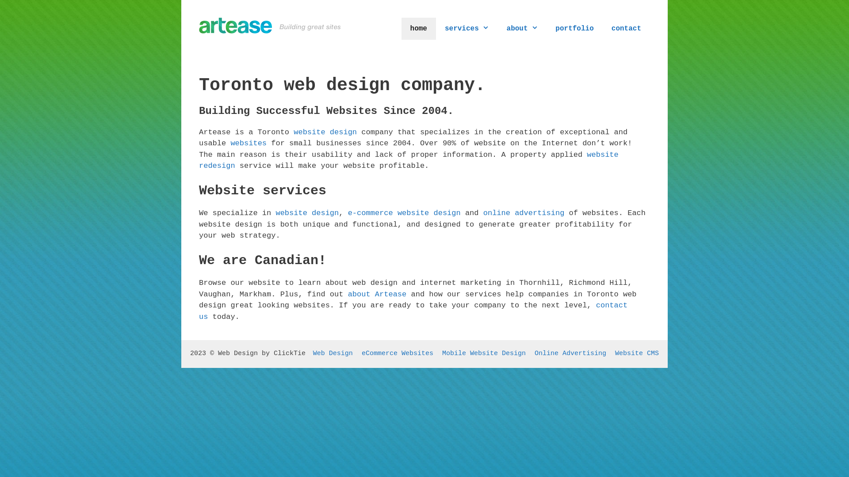 This screenshot has height=477, width=849. I want to click on 'about', so click(522, 28).